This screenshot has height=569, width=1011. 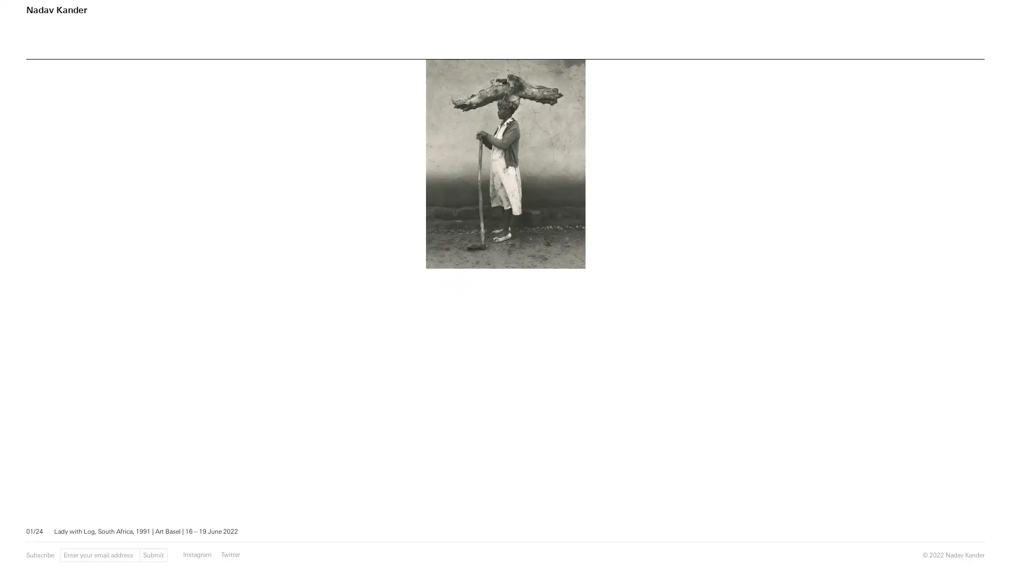 What do you see at coordinates (153, 554) in the screenshot?
I see `Submit` at bounding box center [153, 554].